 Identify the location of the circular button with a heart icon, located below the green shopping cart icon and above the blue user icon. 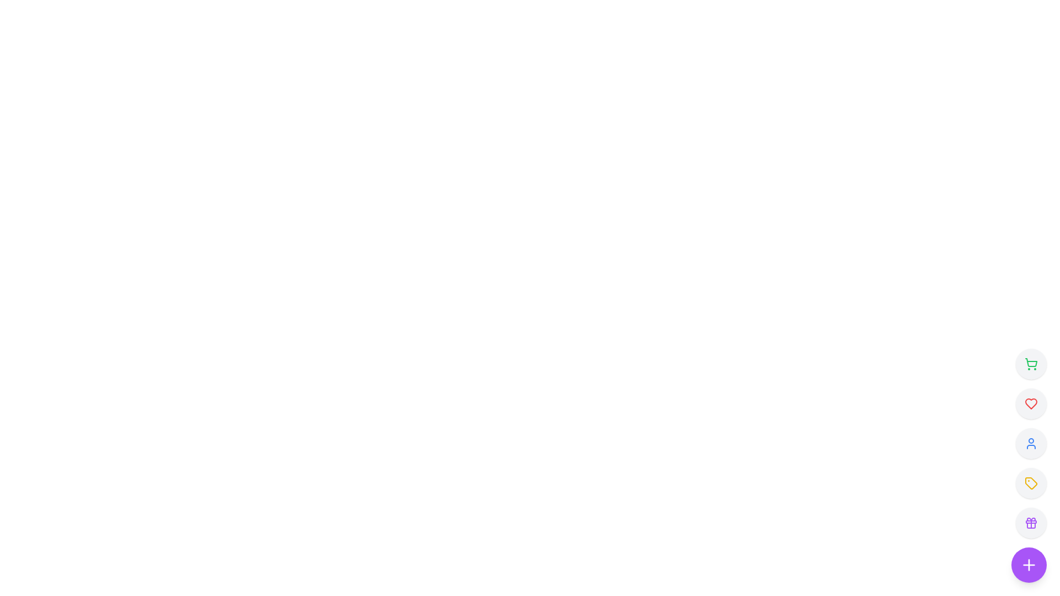
(1030, 404).